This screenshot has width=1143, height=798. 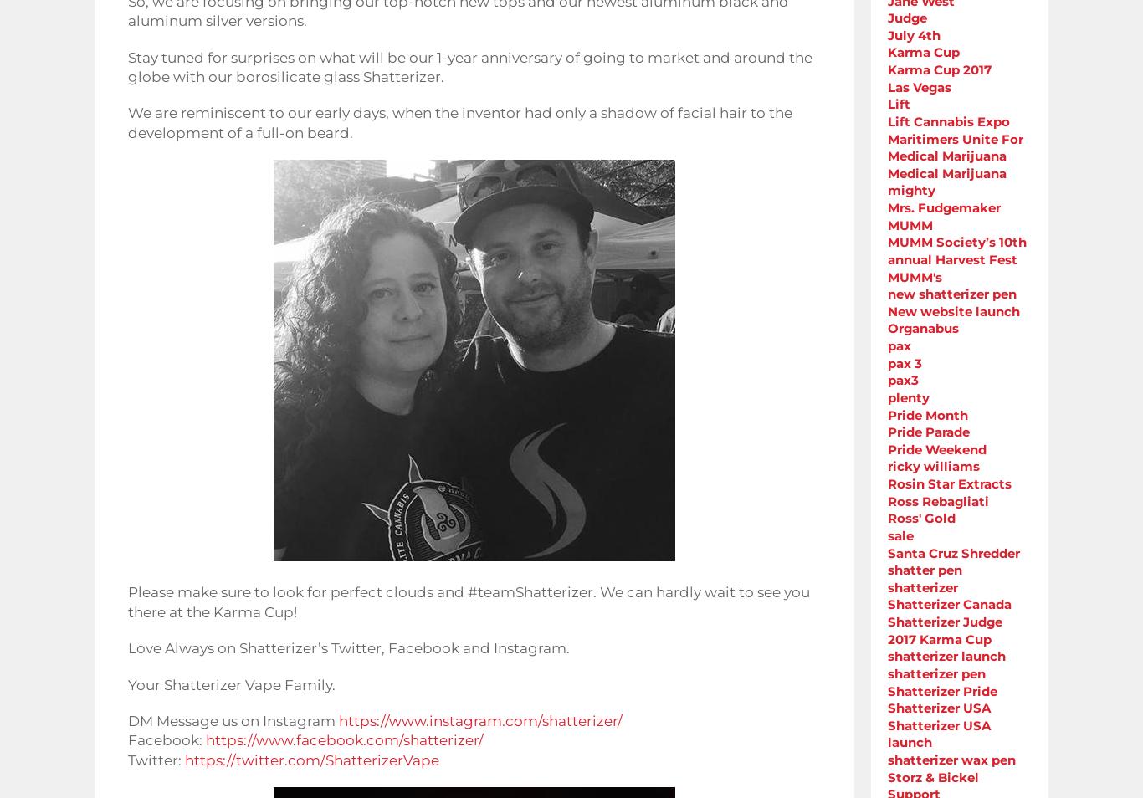 What do you see at coordinates (949, 483) in the screenshot?
I see `'Rosin Star Extracts'` at bounding box center [949, 483].